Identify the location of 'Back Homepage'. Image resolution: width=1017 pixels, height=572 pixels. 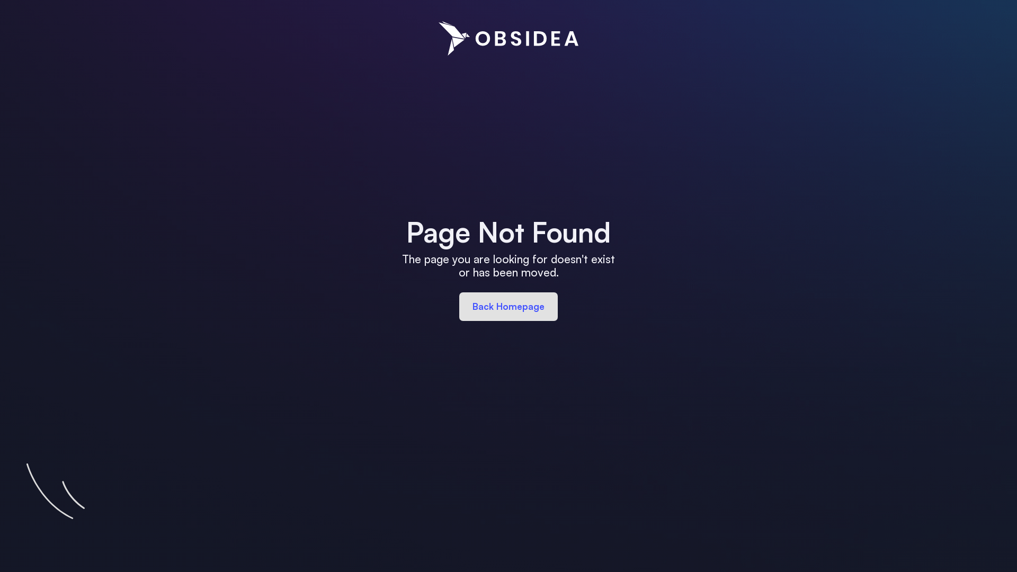
(508, 306).